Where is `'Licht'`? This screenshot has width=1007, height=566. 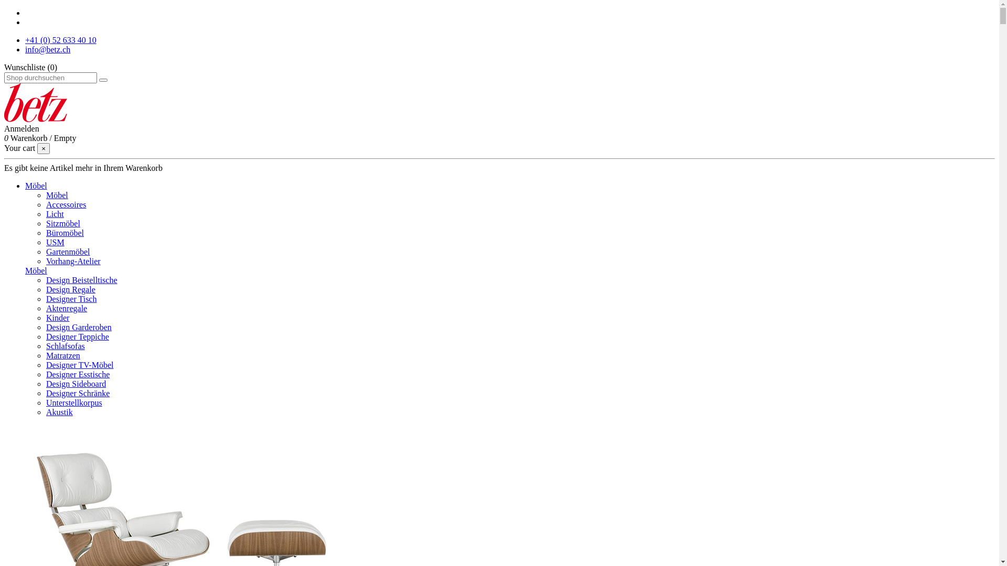
'Licht' is located at coordinates (55, 213).